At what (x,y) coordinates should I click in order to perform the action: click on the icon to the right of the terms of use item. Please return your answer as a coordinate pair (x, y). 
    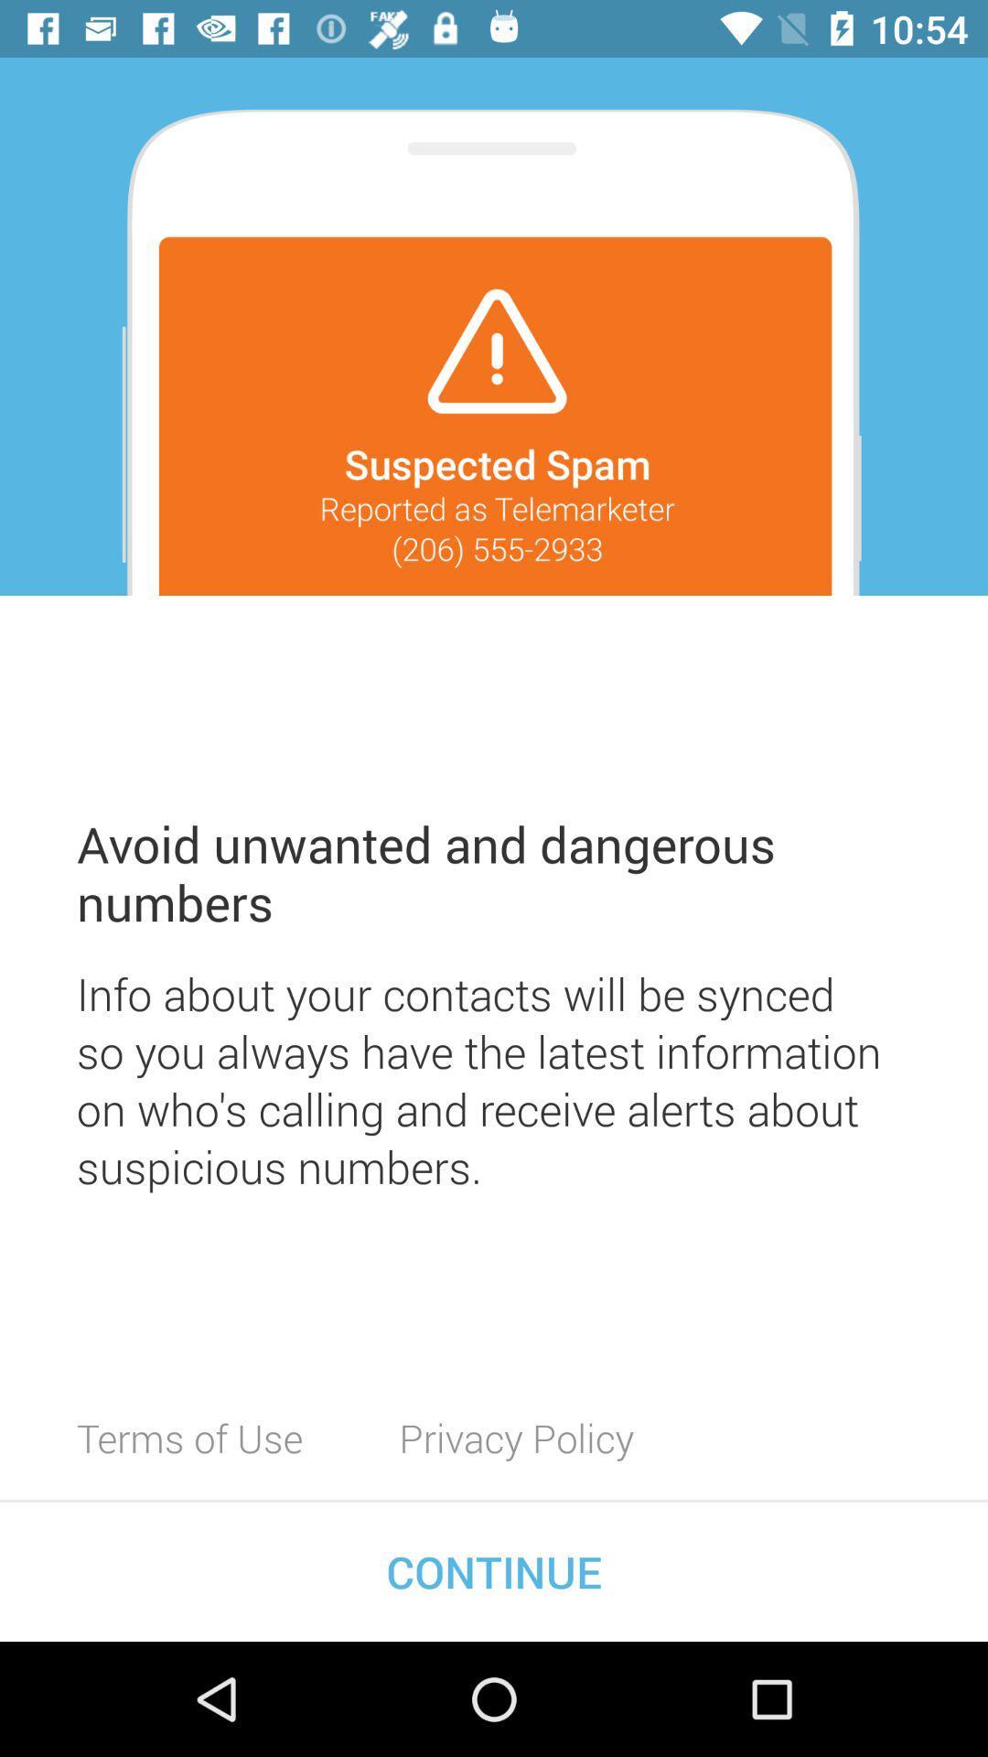
    Looking at the image, I should click on (516, 1437).